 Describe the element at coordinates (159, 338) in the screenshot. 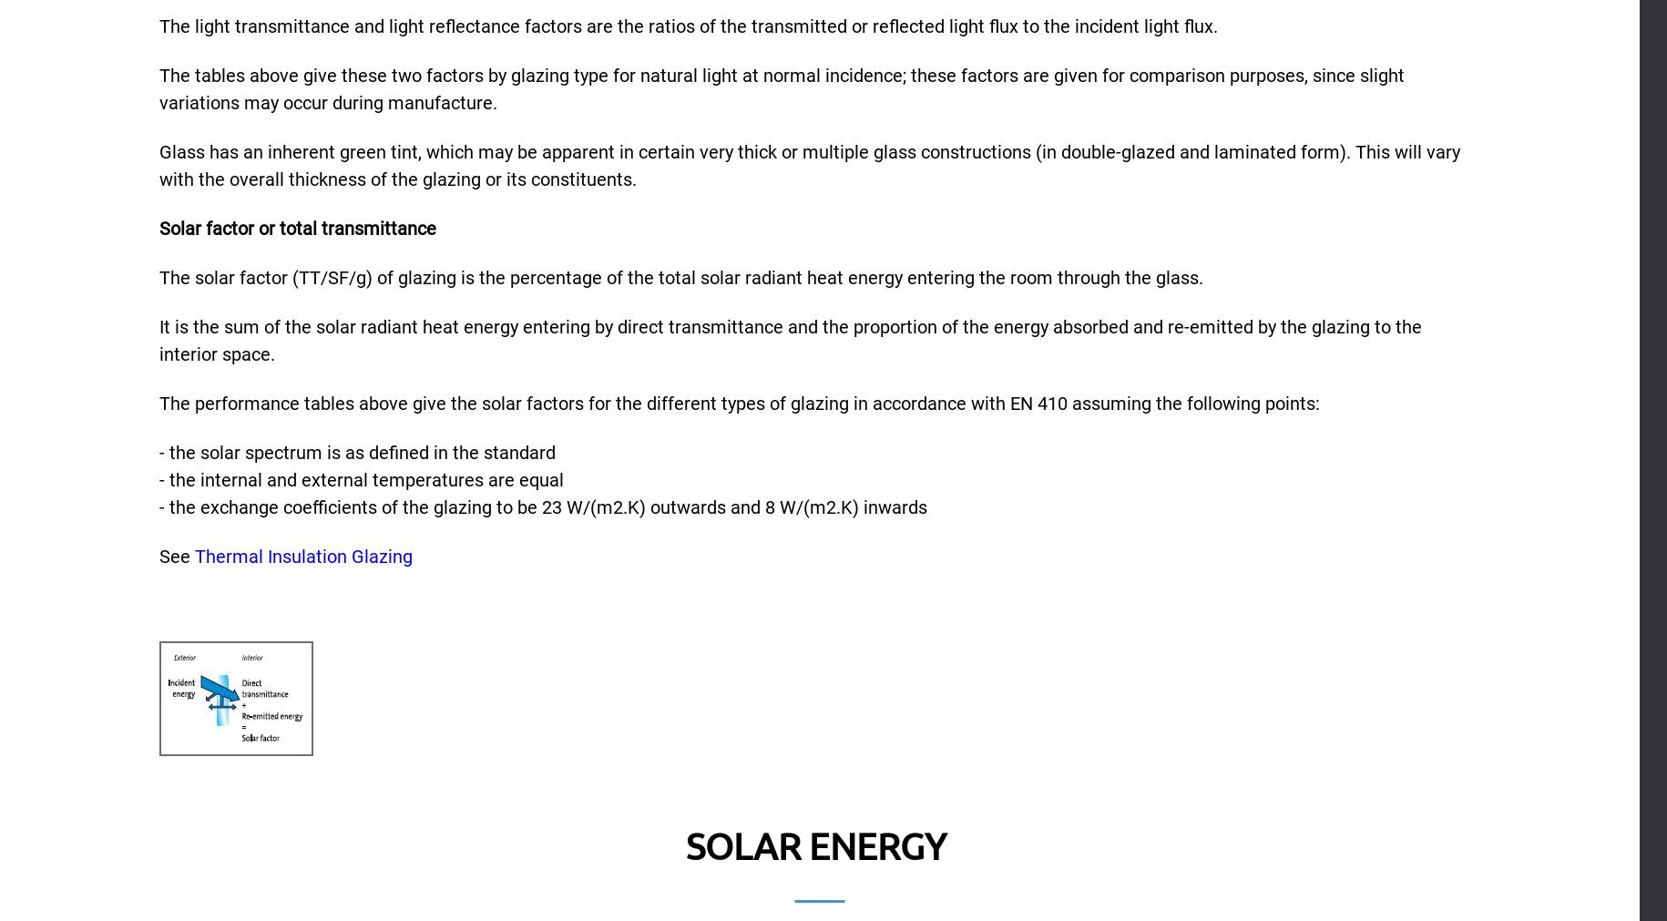

I see `'It is the sum of the solar radiant heat energy entering by direct transmittance and the proportion of the energy absorbed and re-emitted by the glazing to the interior space.'` at that location.